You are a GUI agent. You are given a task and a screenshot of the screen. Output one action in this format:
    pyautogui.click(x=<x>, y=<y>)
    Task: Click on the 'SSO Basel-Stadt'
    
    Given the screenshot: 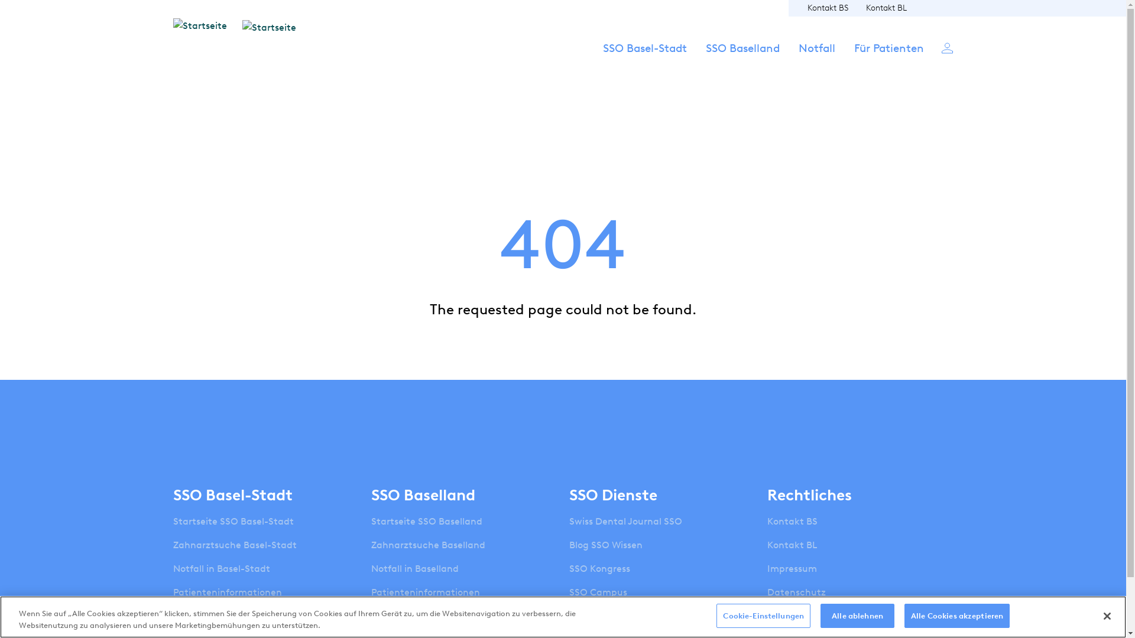 What is the action you would take?
    pyautogui.click(x=644, y=59)
    